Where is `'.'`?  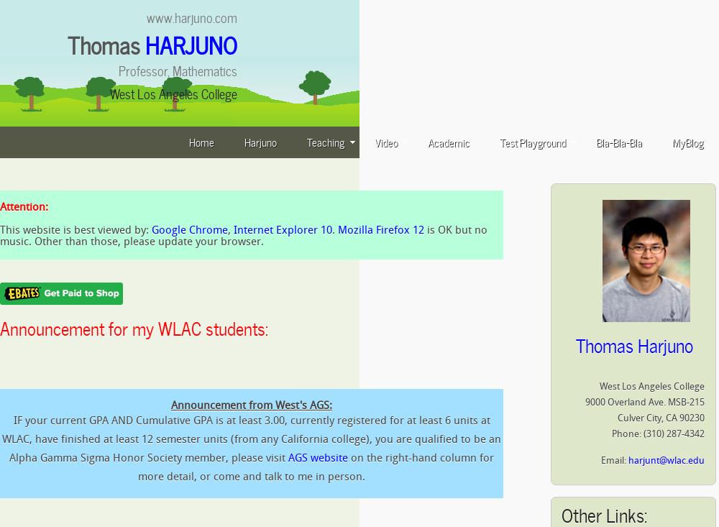 '.' is located at coordinates (331, 229).